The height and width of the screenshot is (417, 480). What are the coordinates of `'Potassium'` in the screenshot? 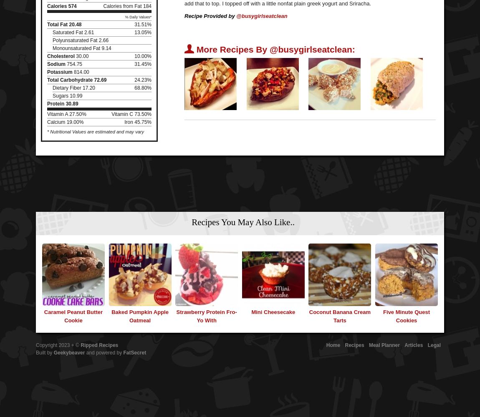 It's located at (47, 72).